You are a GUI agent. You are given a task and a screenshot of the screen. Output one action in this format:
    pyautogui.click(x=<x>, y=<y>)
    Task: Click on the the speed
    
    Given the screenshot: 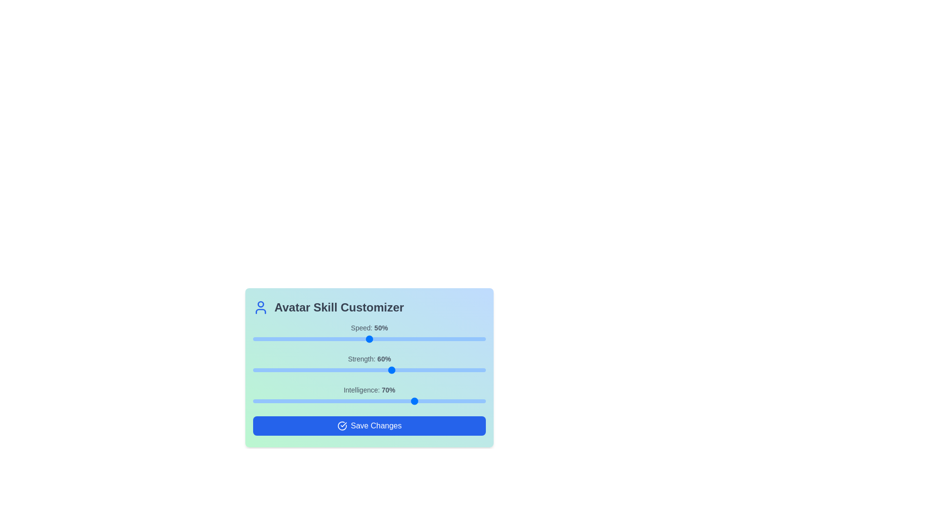 What is the action you would take?
    pyautogui.click(x=283, y=338)
    